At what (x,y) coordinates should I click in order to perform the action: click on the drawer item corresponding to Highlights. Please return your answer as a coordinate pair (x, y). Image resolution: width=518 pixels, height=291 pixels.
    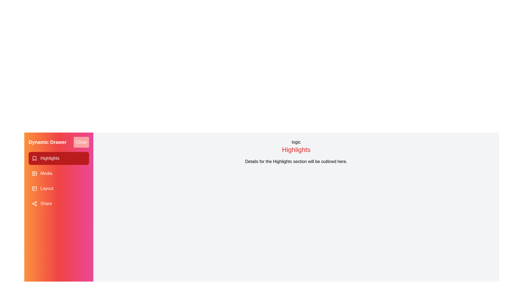
    Looking at the image, I should click on (59, 158).